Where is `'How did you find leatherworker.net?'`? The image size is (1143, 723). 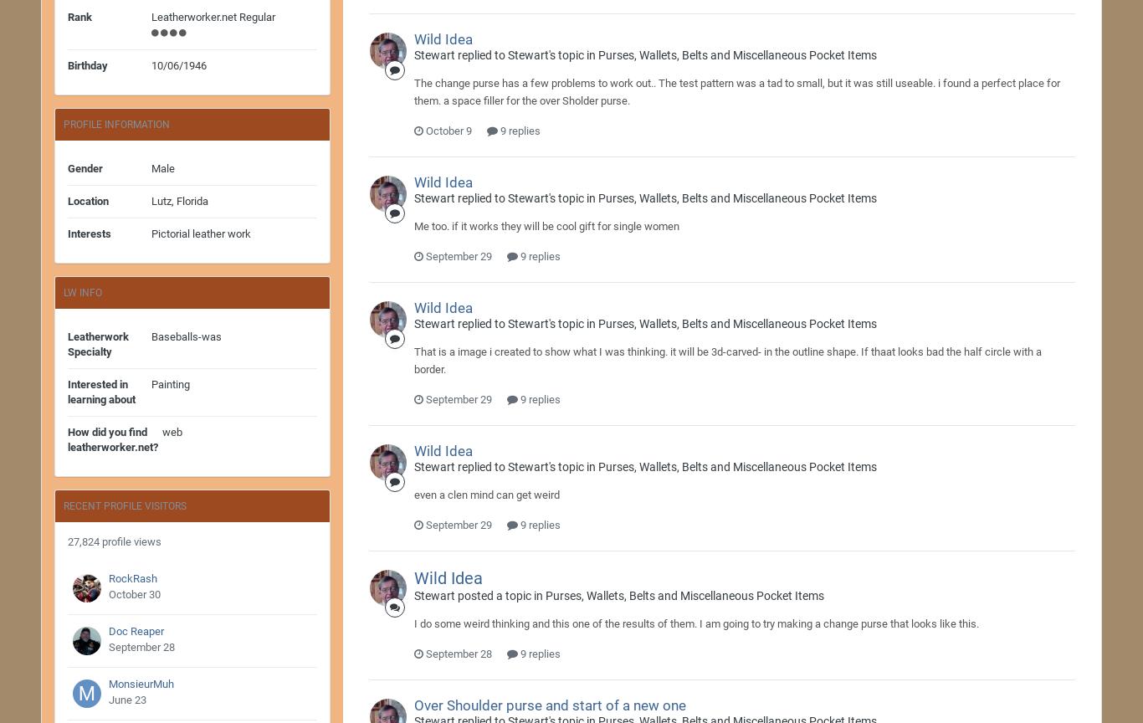
'How did you find leatherworker.net?' is located at coordinates (111, 439).